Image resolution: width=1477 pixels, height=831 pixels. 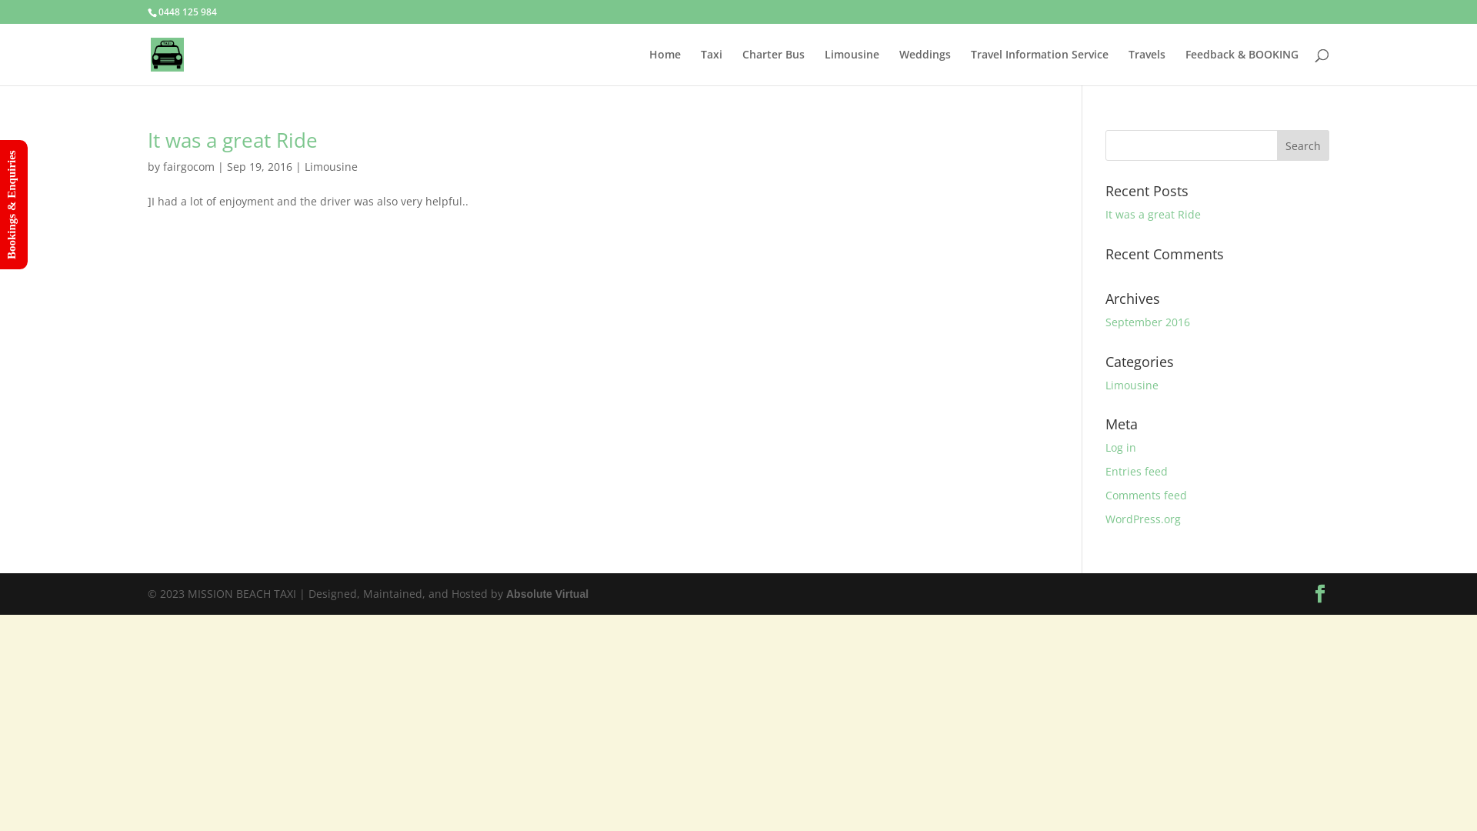 I want to click on 'Travels', so click(x=1147, y=66).